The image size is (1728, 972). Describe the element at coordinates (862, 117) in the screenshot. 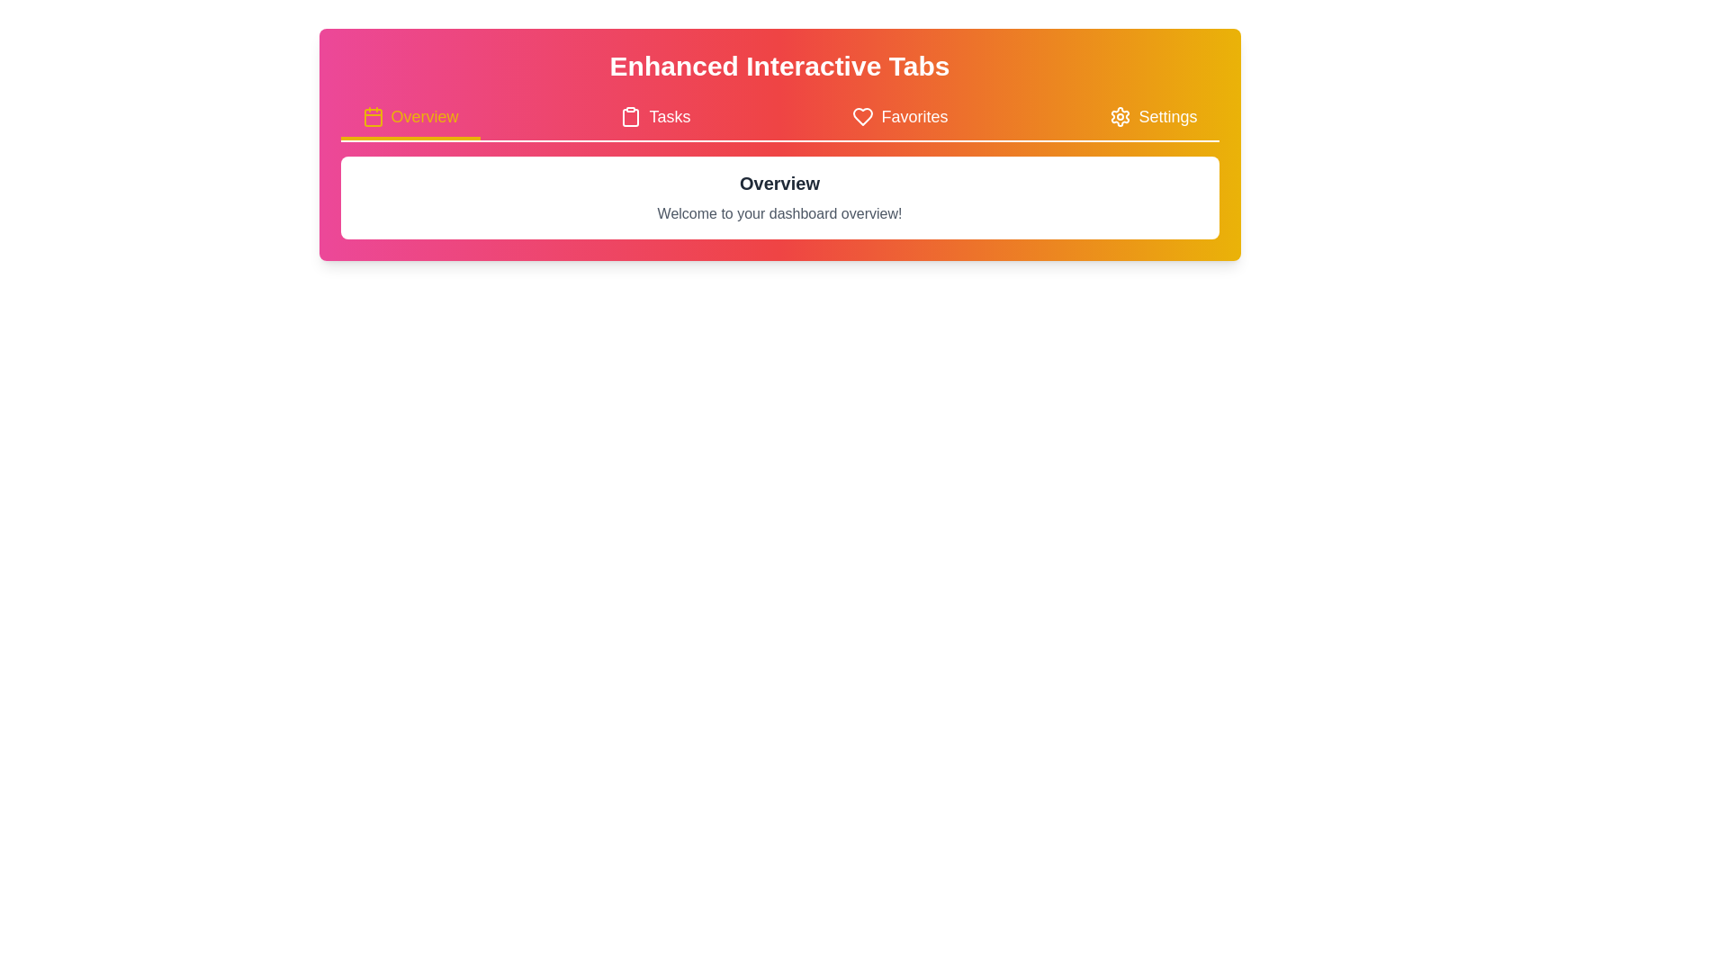

I see `the heart-shaped 'Favorites' icon` at that location.